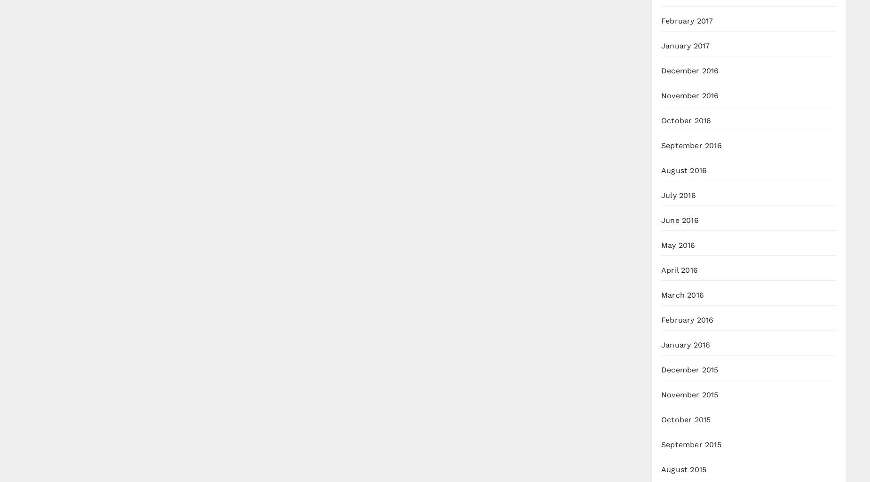 The height and width of the screenshot is (482, 870). I want to click on 'April 2016', so click(680, 270).